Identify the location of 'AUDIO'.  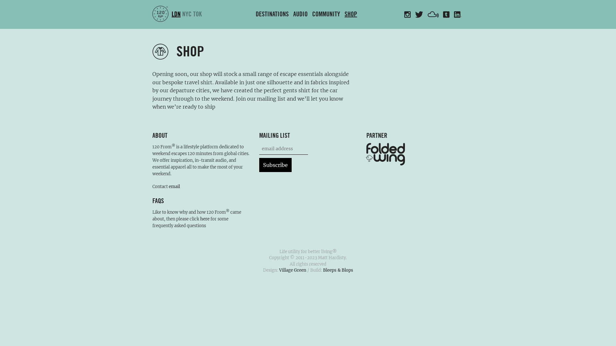
(300, 14).